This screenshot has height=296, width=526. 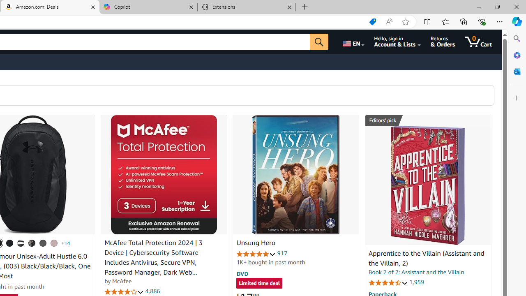 I want to click on 'Book 2 of 2: Assistant and the Villain', so click(x=416, y=272).